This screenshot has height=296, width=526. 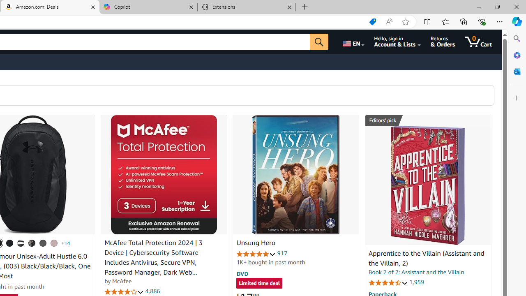 I want to click on 'Book 2 of 2: Assistant and the Villain', so click(x=416, y=272).